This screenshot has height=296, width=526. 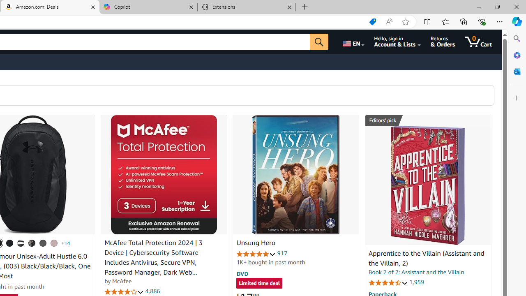 I want to click on 'Book 2 of 2: Assistant and the Villain', so click(x=416, y=272).